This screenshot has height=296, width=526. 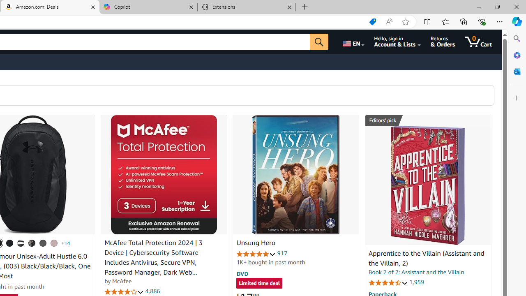 I want to click on 'Book 2 of 2: Assistant and the Villain', so click(x=416, y=272).